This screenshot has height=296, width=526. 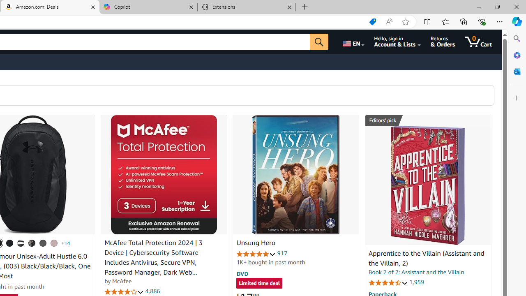 I want to click on 'Book 2 of 2: Assistant and the Villain', so click(x=416, y=272).